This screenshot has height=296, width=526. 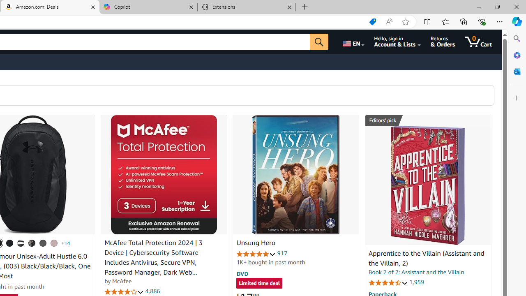 I want to click on 'Book 2 of 2: Assistant and the Villain', so click(x=416, y=272).